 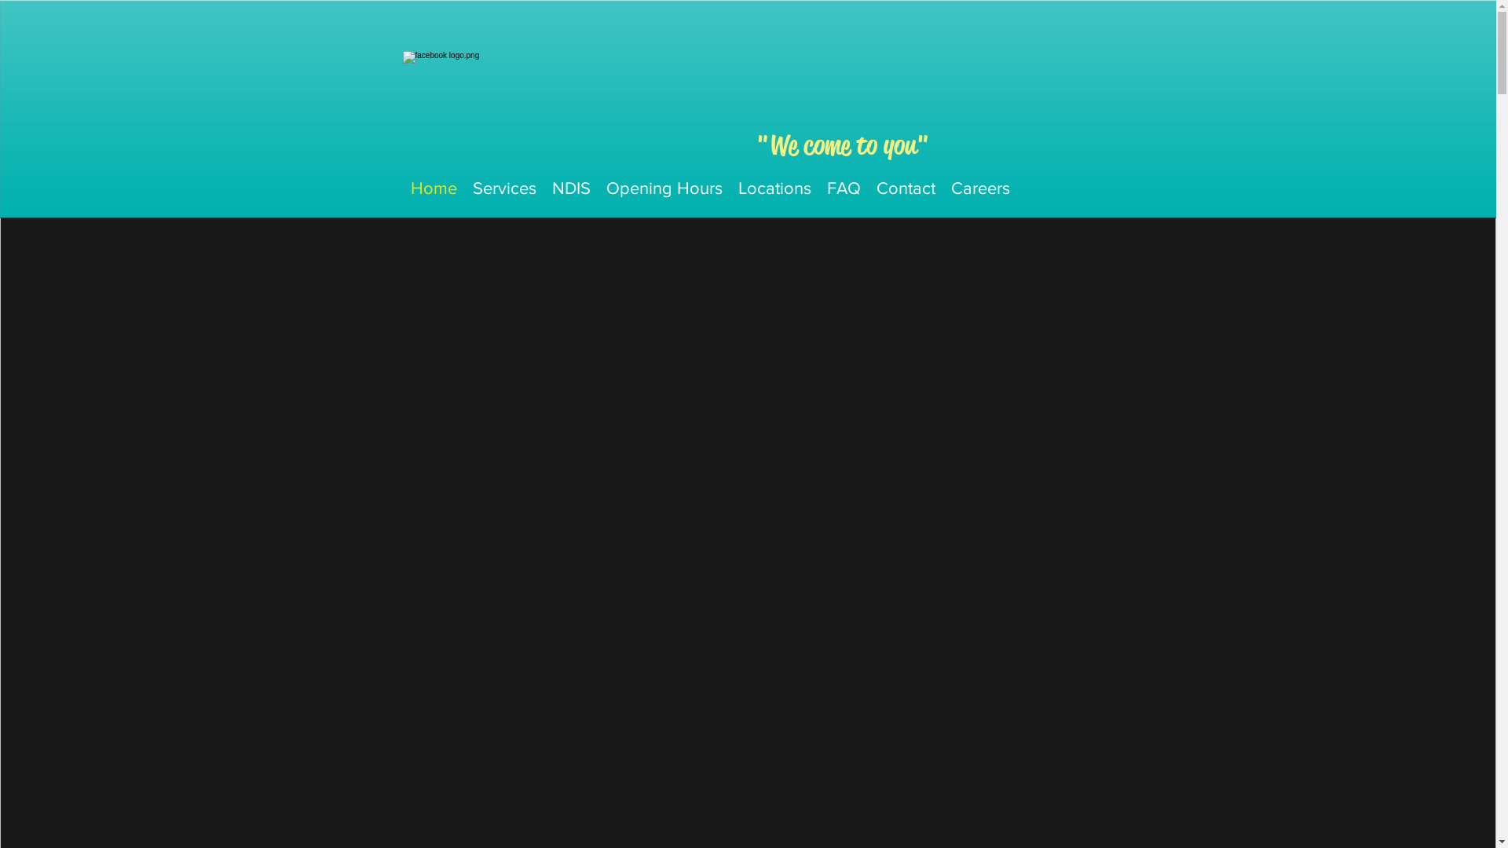 I want to click on 'Careers', so click(x=942, y=187).